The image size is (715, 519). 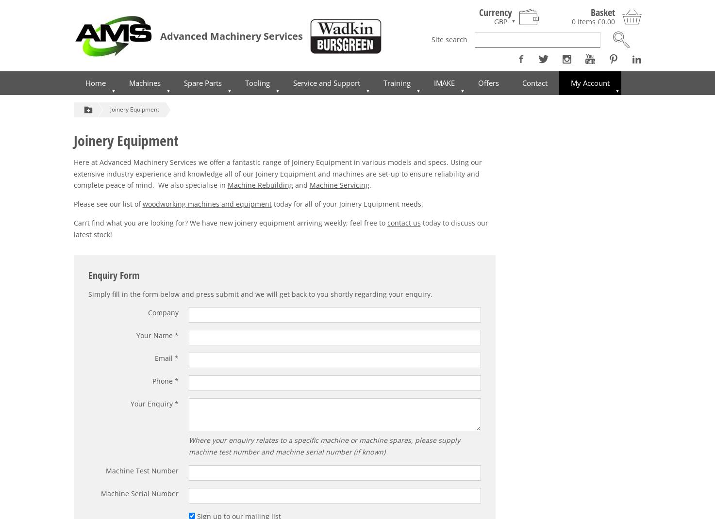 I want to click on 'GBP', so click(x=500, y=20).